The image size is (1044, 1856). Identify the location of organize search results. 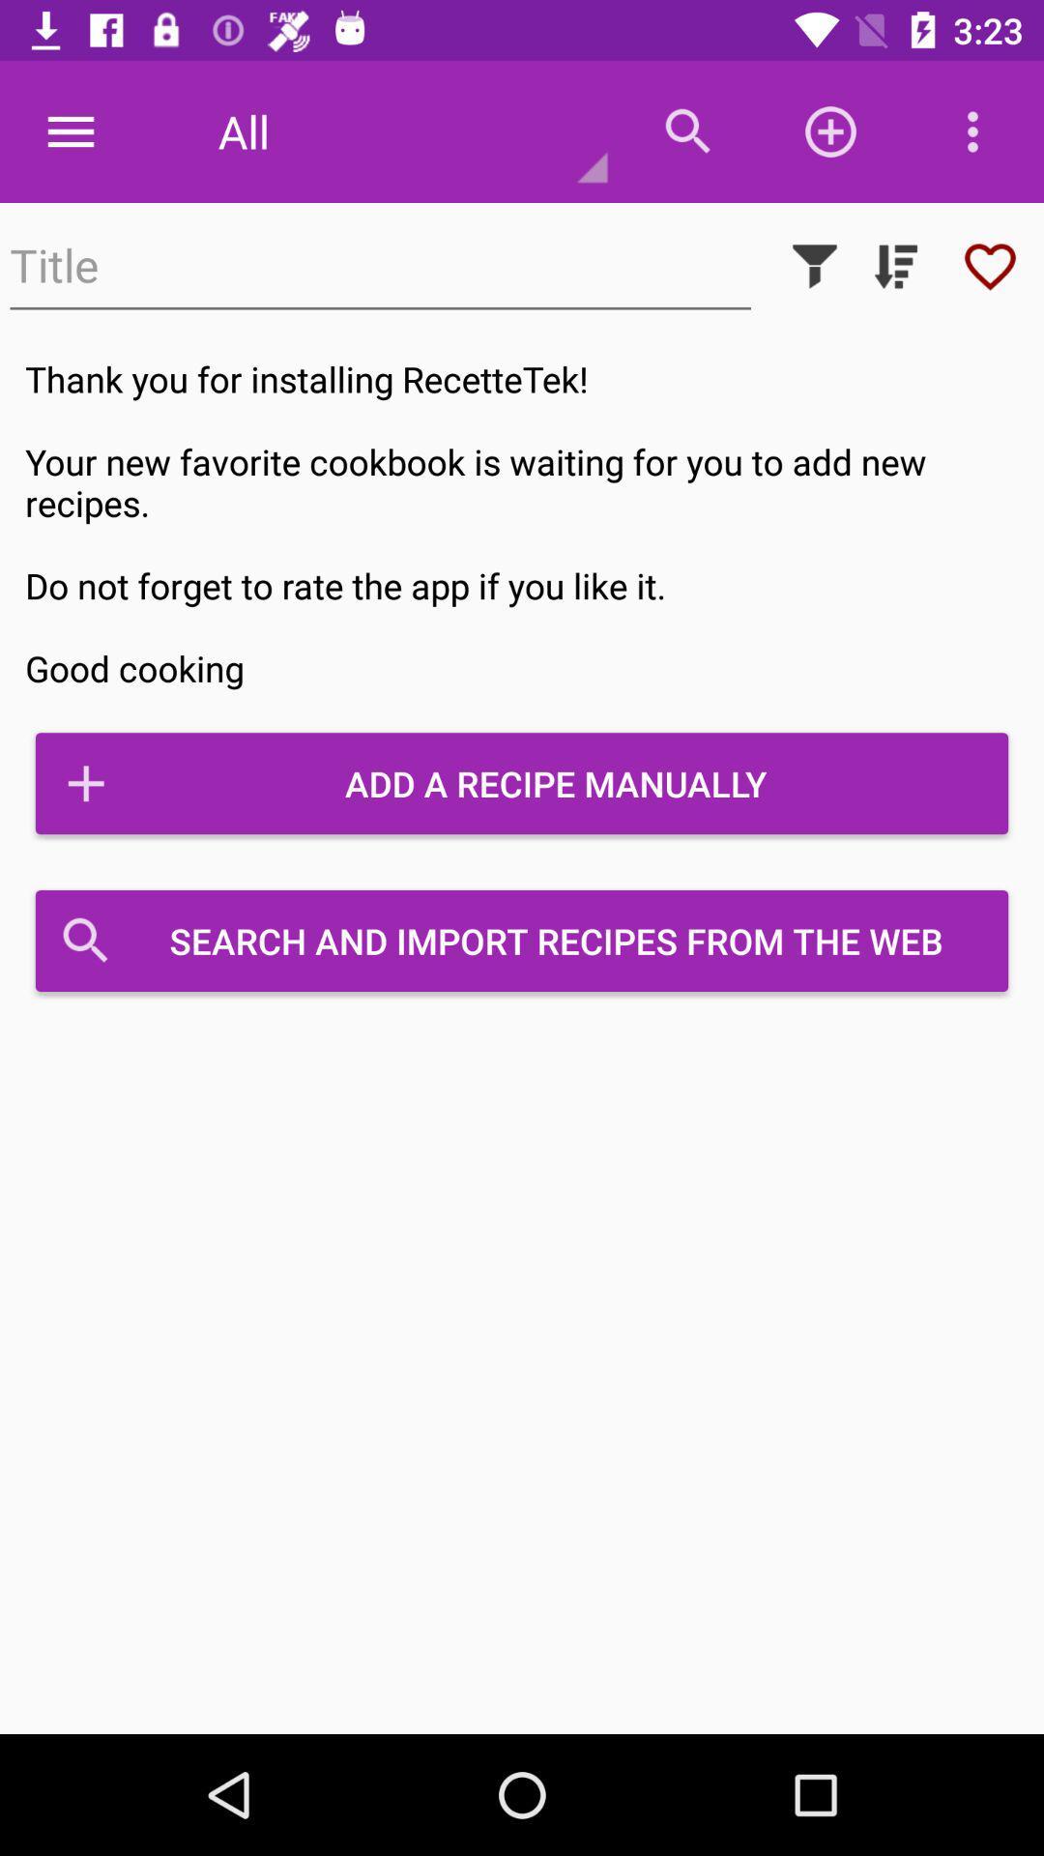
(895, 265).